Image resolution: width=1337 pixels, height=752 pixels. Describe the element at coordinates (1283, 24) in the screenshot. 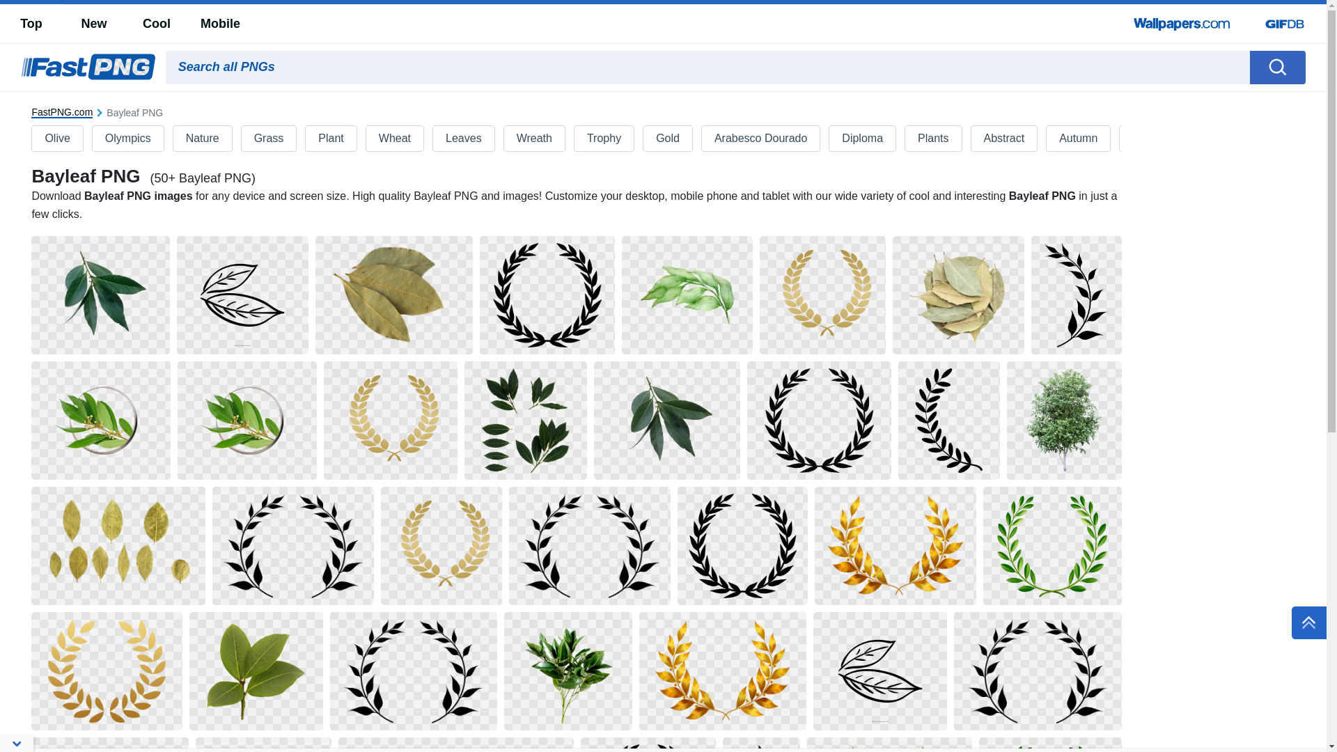

I see `'GifDB.com'` at that location.